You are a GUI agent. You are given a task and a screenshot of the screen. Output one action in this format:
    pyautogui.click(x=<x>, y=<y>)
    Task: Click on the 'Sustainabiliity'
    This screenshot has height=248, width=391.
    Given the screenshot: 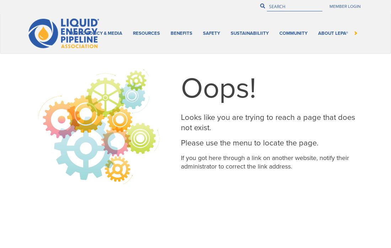 What is the action you would take?
    pyautogui.click(x=338, y=31)
    